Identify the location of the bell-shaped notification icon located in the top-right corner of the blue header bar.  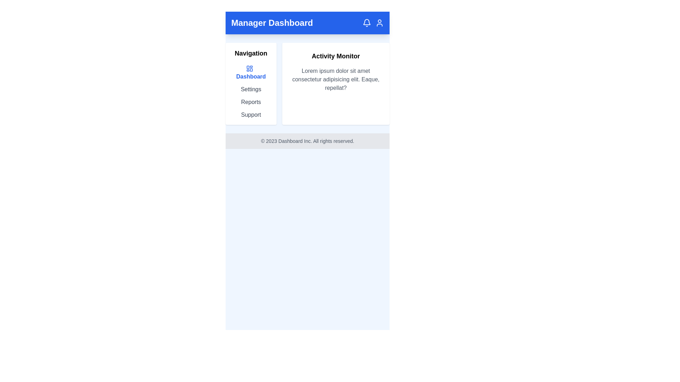
(367, 23).